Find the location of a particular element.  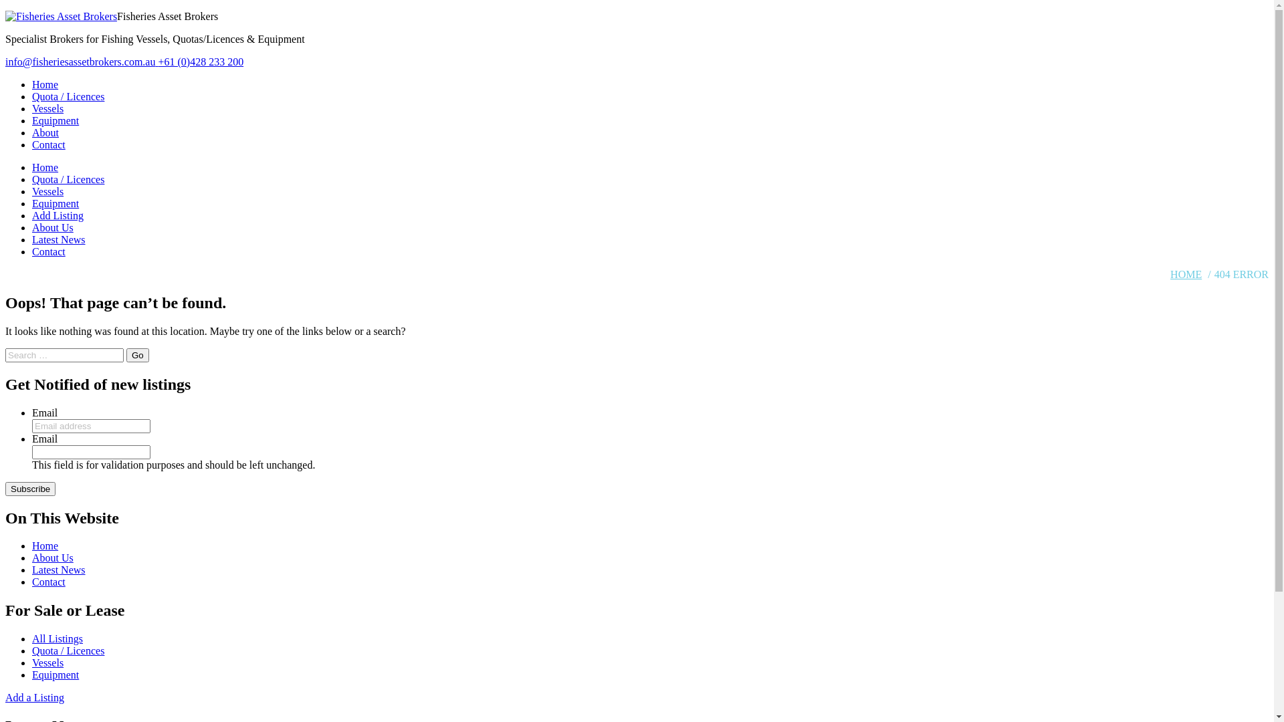

'Equipment' is located at coordinates (54, 203).